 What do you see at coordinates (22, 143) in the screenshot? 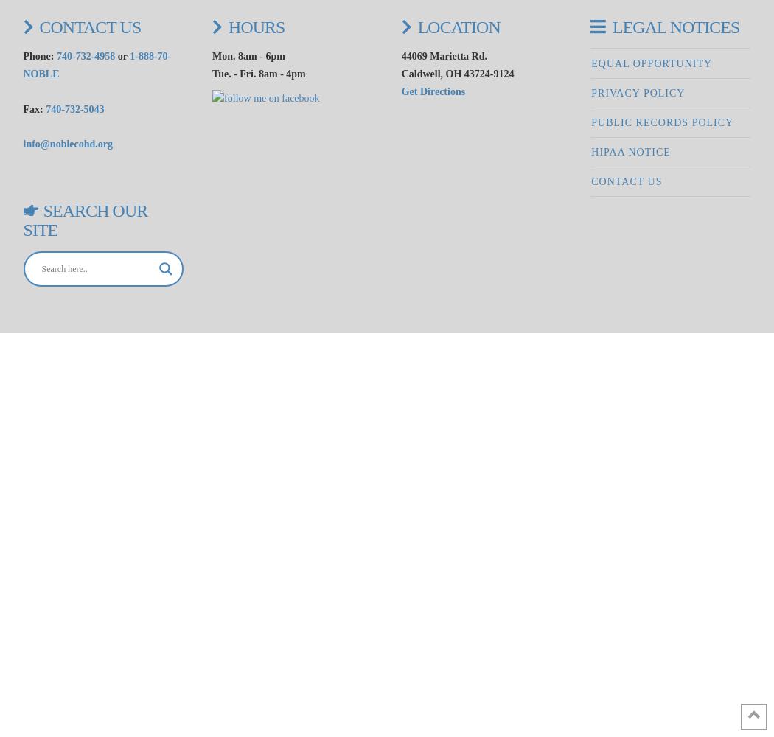
I see `'info@noblecohd.org'` at bounding box center [22, 143].